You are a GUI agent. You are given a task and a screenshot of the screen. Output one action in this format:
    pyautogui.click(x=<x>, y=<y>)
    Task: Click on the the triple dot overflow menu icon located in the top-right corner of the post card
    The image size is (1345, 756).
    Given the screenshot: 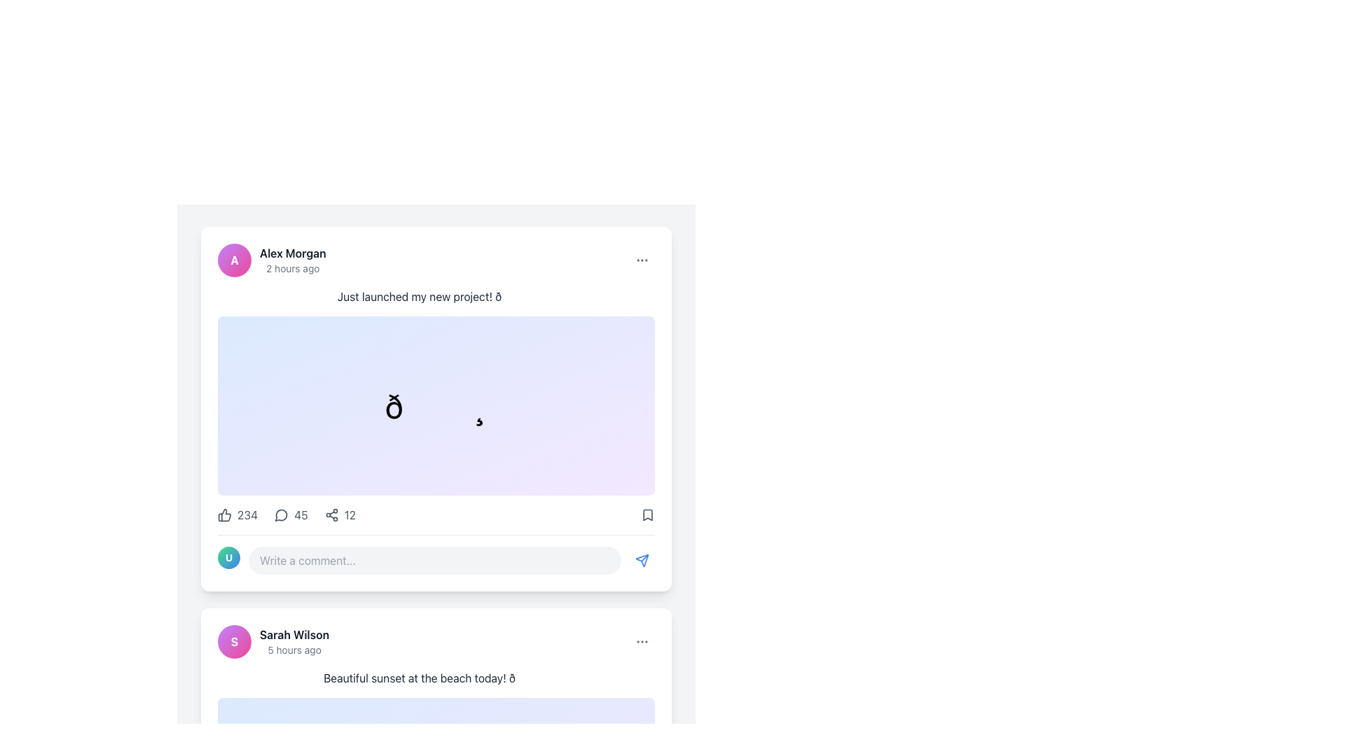 What is the action you would take?
    pyautogui.click(x=641, y=642)
    